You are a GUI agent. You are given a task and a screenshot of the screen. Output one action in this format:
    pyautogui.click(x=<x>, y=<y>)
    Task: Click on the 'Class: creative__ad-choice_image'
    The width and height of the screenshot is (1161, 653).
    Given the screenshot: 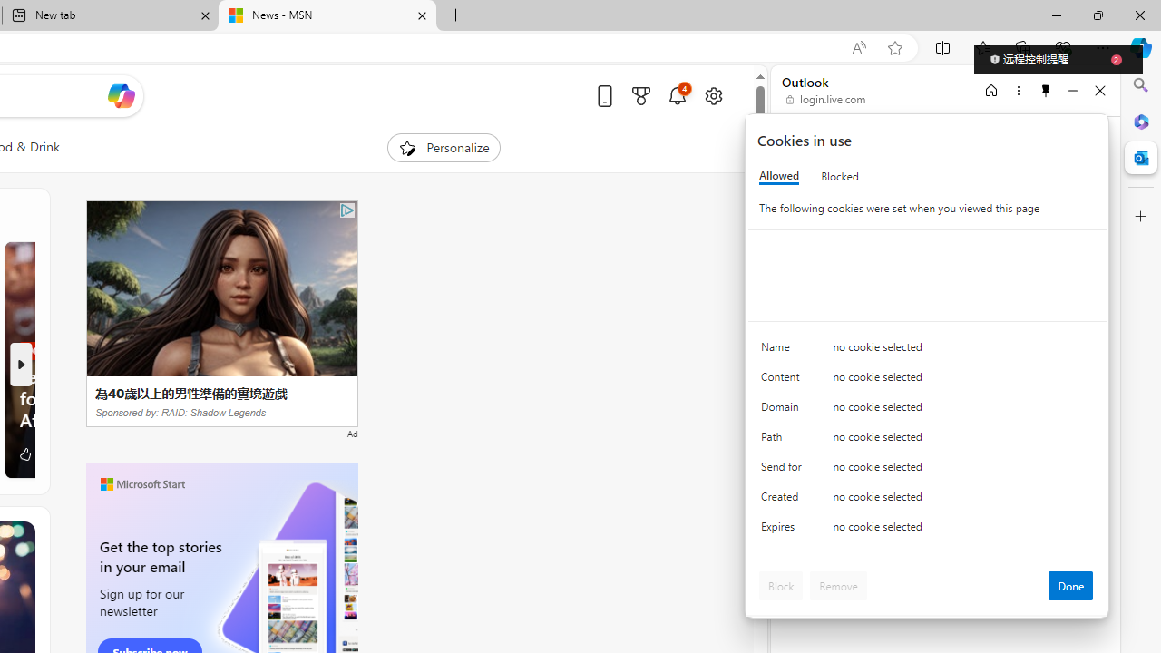 What is the action you would take?
    pyautogui.click(x=347, y=209)
    